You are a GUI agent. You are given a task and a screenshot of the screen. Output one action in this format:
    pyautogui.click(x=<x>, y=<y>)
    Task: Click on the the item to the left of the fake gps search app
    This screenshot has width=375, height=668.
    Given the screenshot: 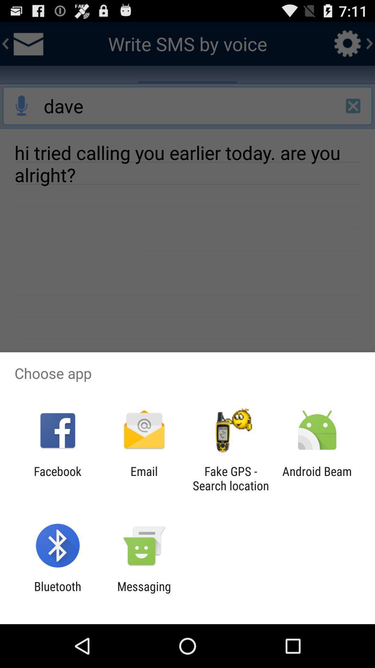 What is the action you would take?
    pyautogui.click(x=144, y=478)
    